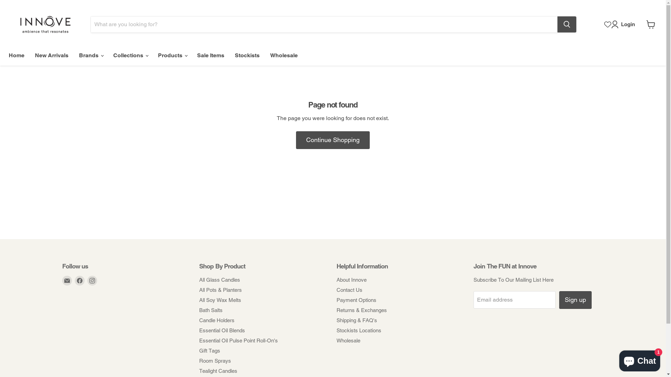 This screenshot has height=377, width=671. Describe the element at coordinates (238, 340) in the screenshot. I see `'Essential Oil Pulse Point Roll-On's'` at that location.